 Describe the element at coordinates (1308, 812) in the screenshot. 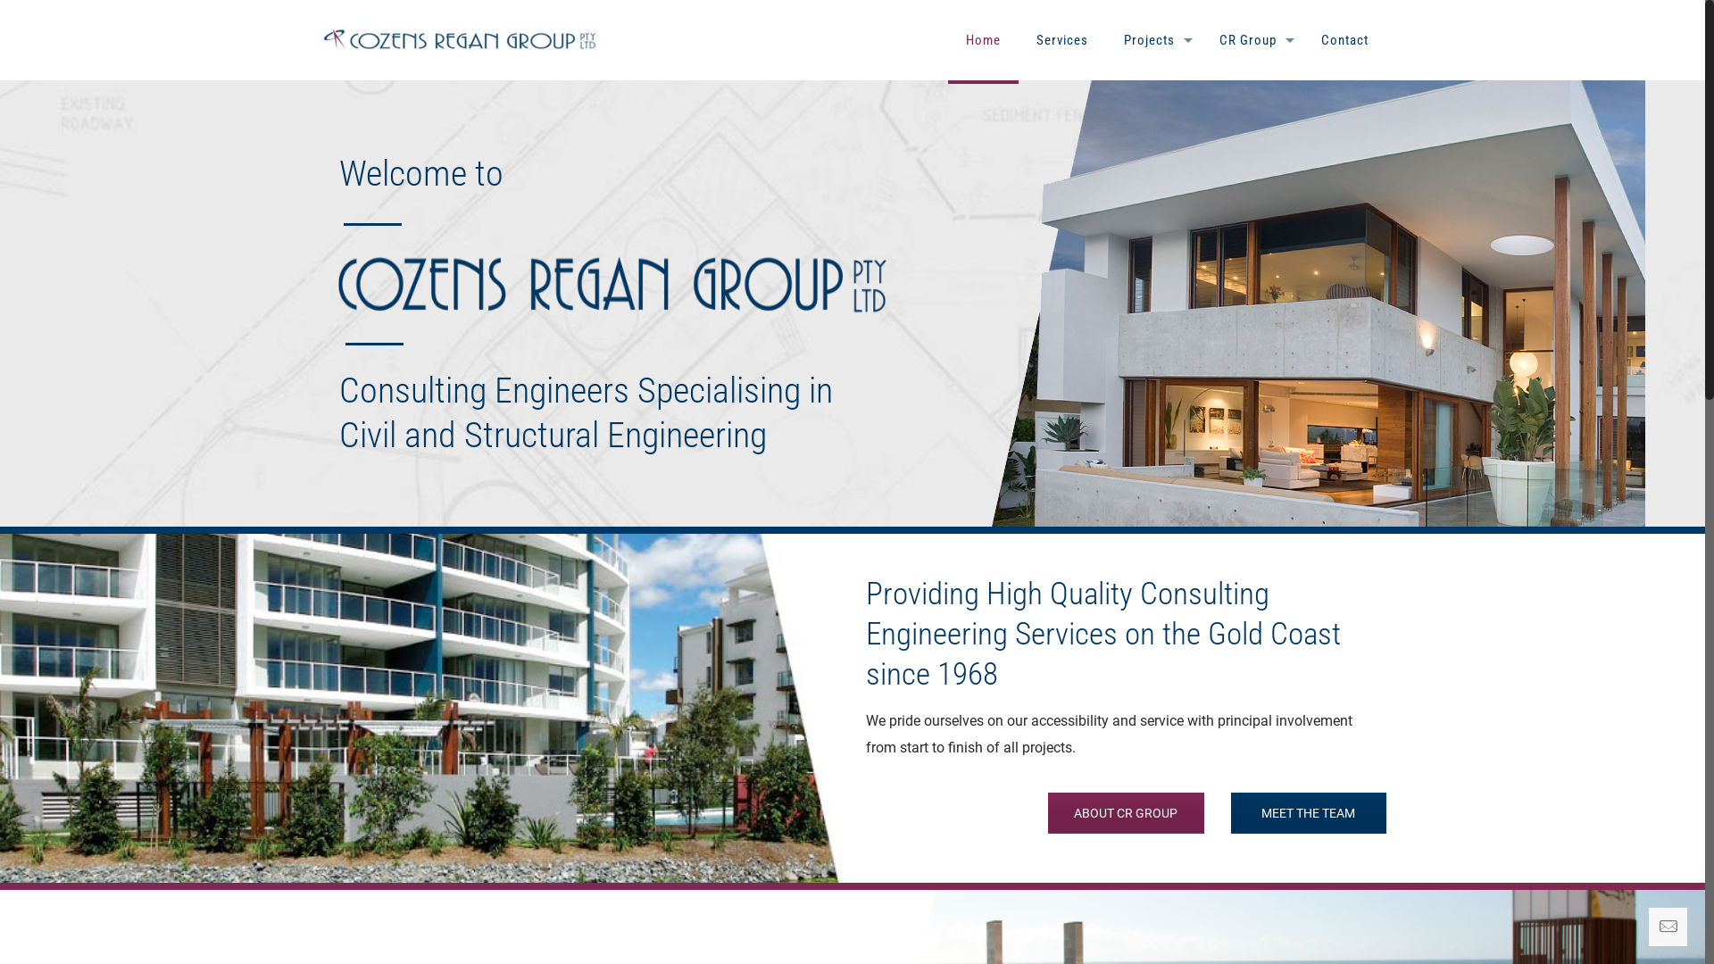

I see `'MEET THE TEAM'` at that location.